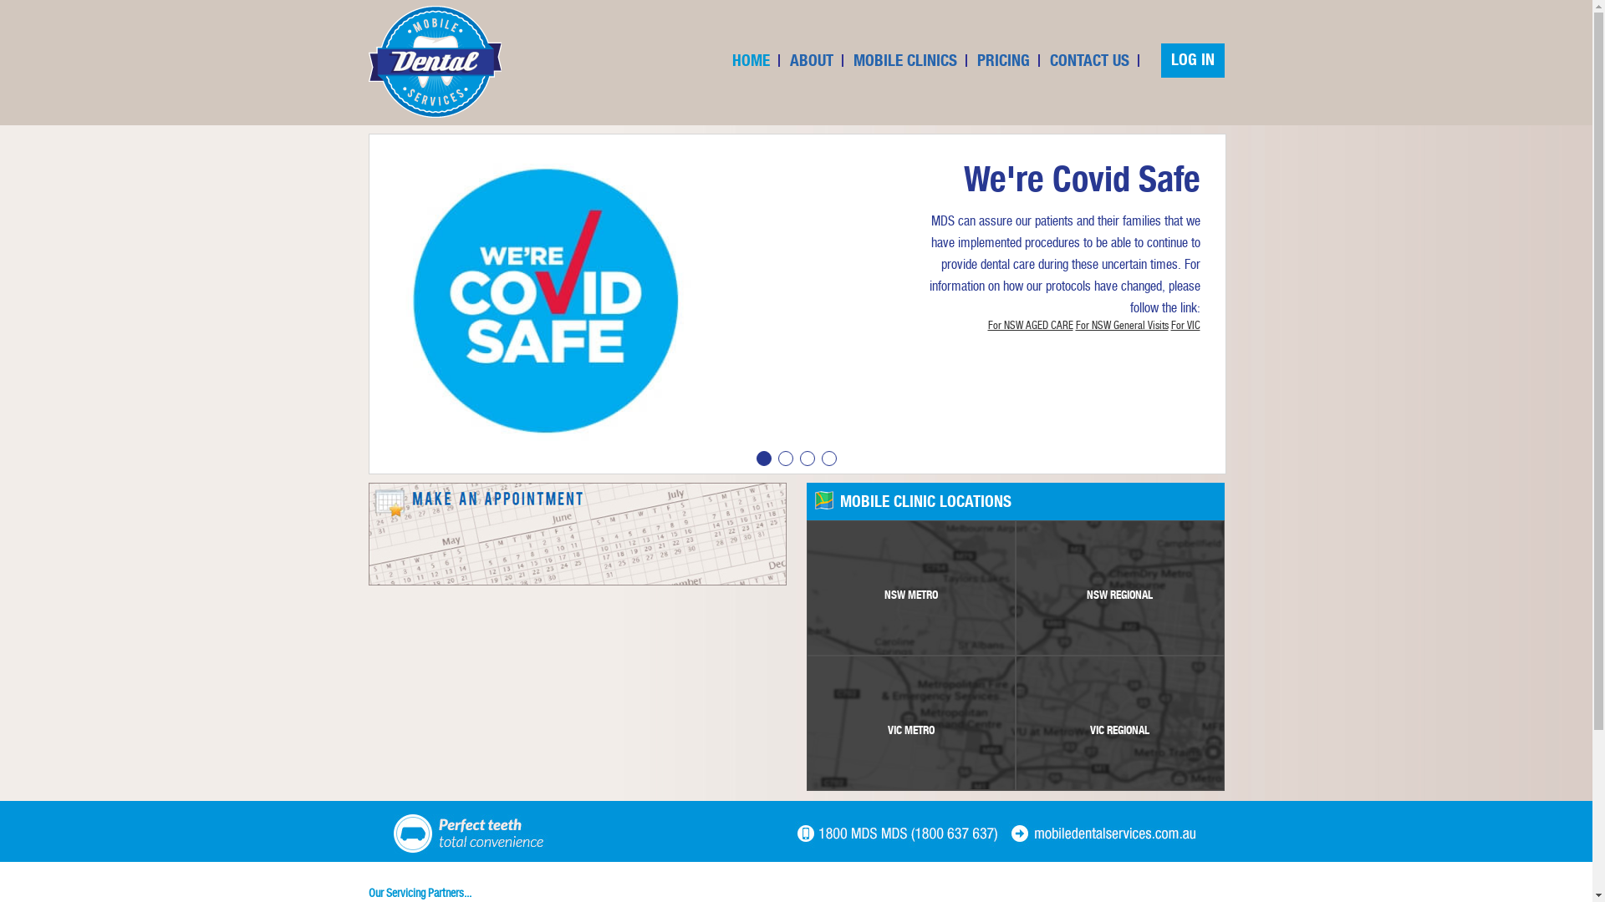  What do you see at coordinates (811, 59) in the screenshot?
I see `'ABOUT'` at bounding box center [811, 59].